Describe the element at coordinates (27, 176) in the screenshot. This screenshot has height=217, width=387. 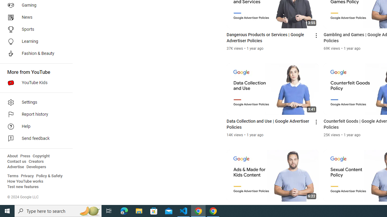
I see `'Privacy'` at that location.